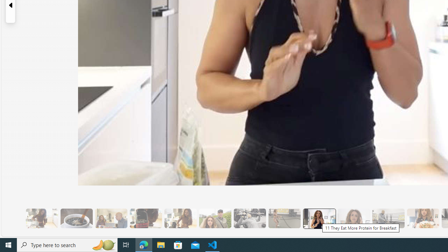 This screenshot has width=448, height=252. Describe the element at coordinates (180, 218) in the screenshot. I see `'7 They Don'` at that location.